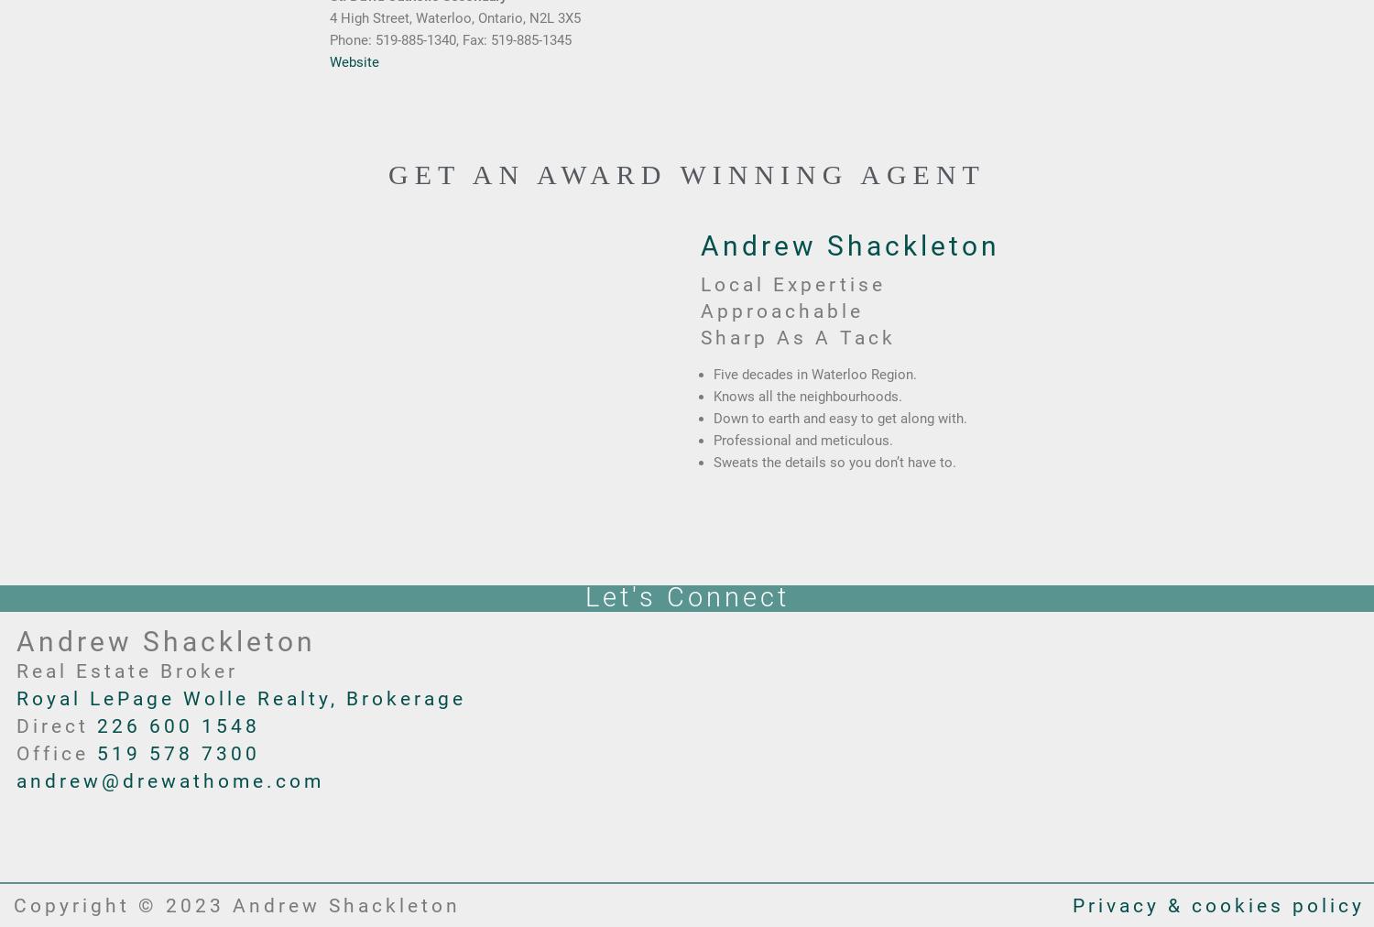 The width and height of the screenshot is (1374, 927). Describe the element at coordinates (834, 462) in the screenshot. I see `'Sweats the details so you don’t have to.'` at that location.